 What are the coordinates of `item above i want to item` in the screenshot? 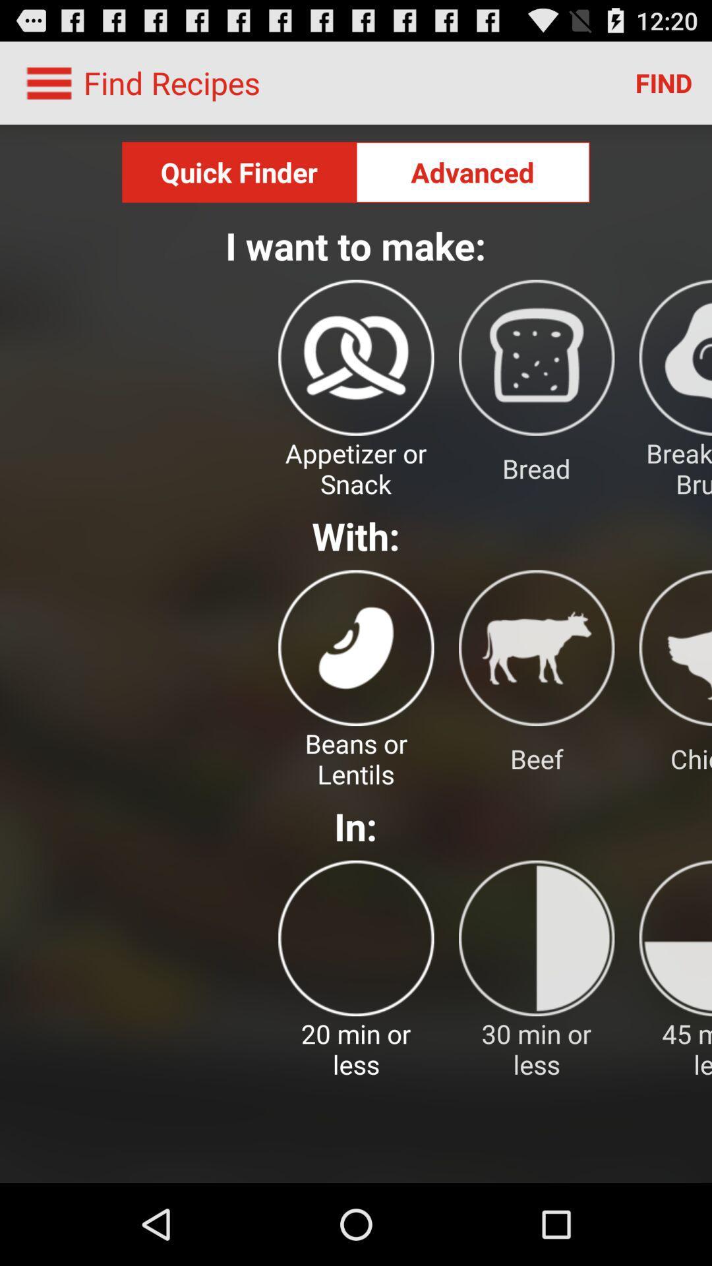 It's located at (472, 171).